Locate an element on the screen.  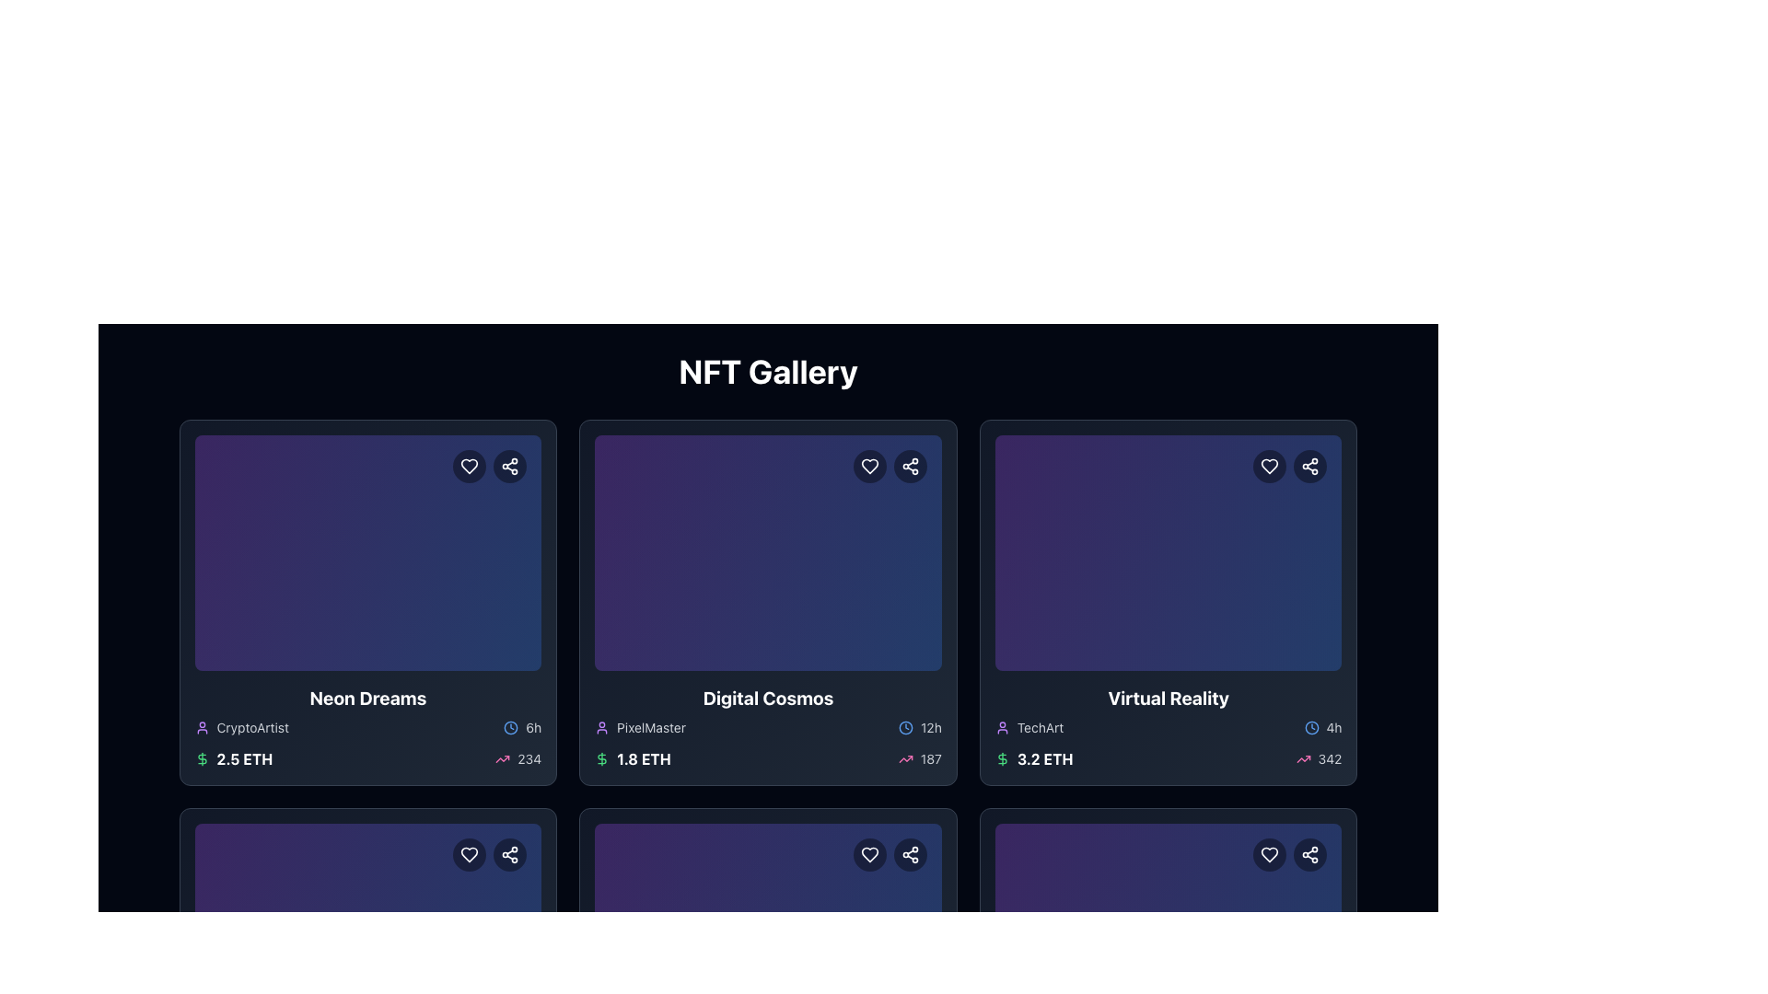
the styling of the clock icon located in the bottom section of the 'Neon Dreams' card, which features a circular design with a blue outline and a clock hand structure inside is located at coordinates (511, 726).